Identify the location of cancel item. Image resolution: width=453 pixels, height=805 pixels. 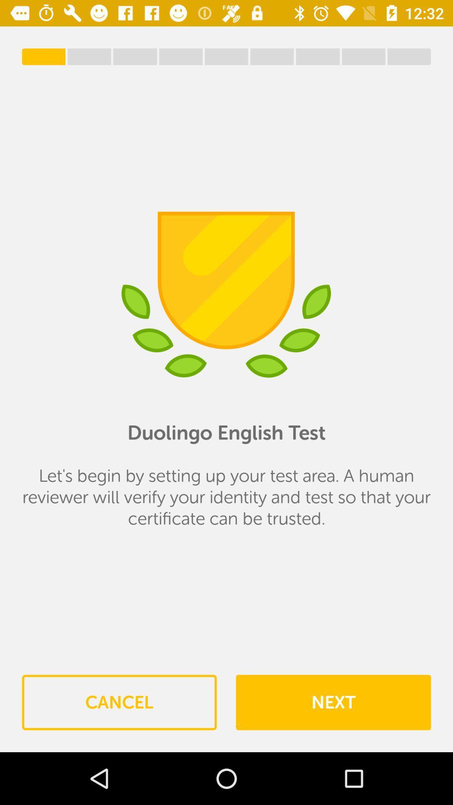
(119, 702).